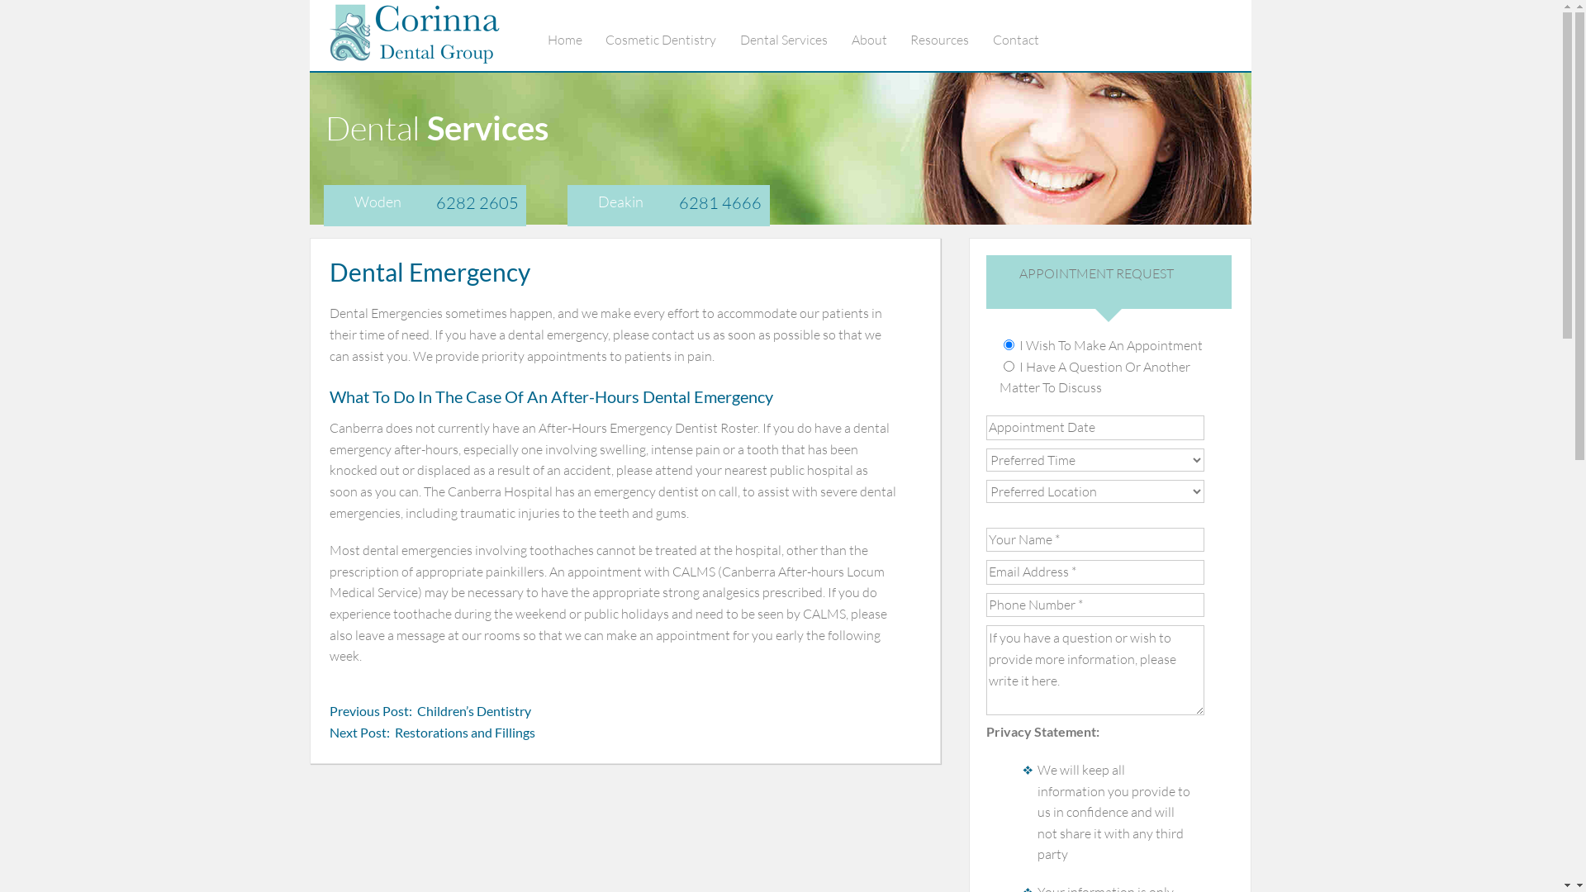  What do you see at coordinates (436, 202) in the screenshot?
I see `'6282 2605'` at bounding box center [436, 202].